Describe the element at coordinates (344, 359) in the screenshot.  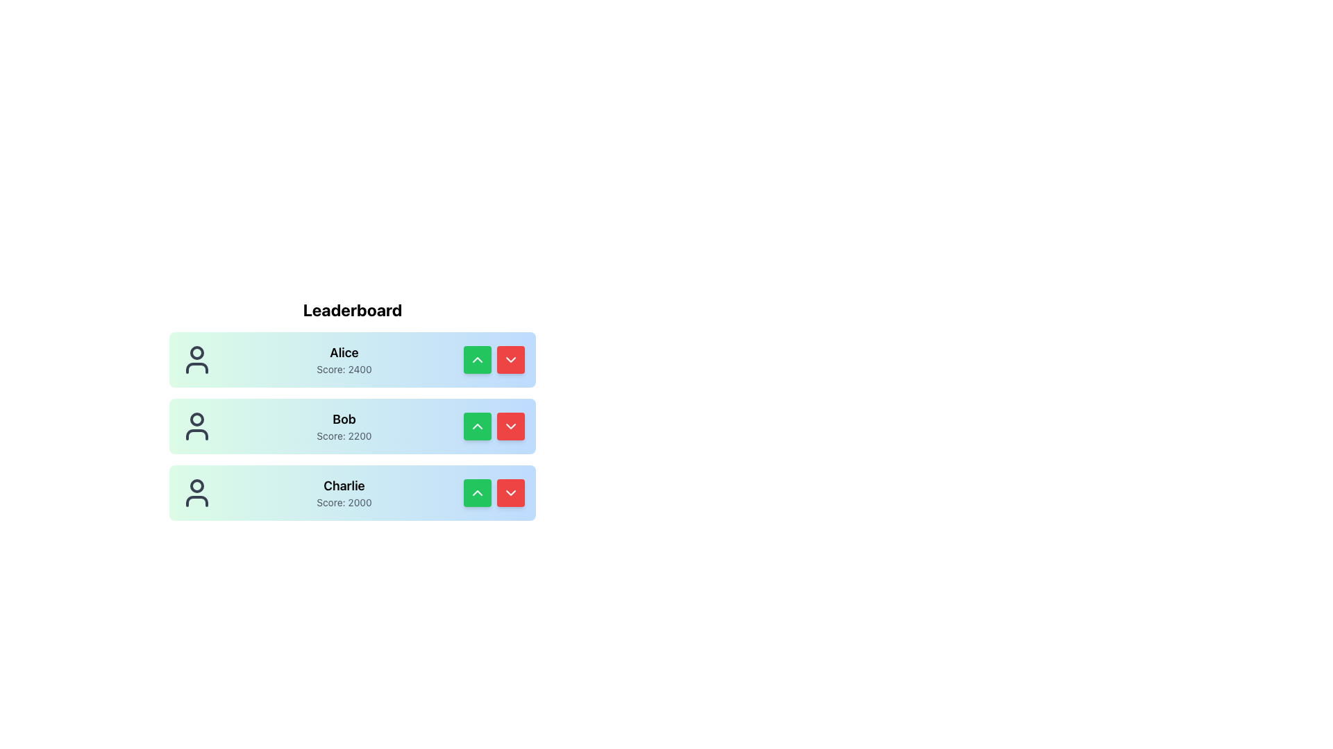
I see `the Text Display element that shows the user's name 'Alice' and score 'Score: 2400', located at the top of the leaderboard component` at that location.